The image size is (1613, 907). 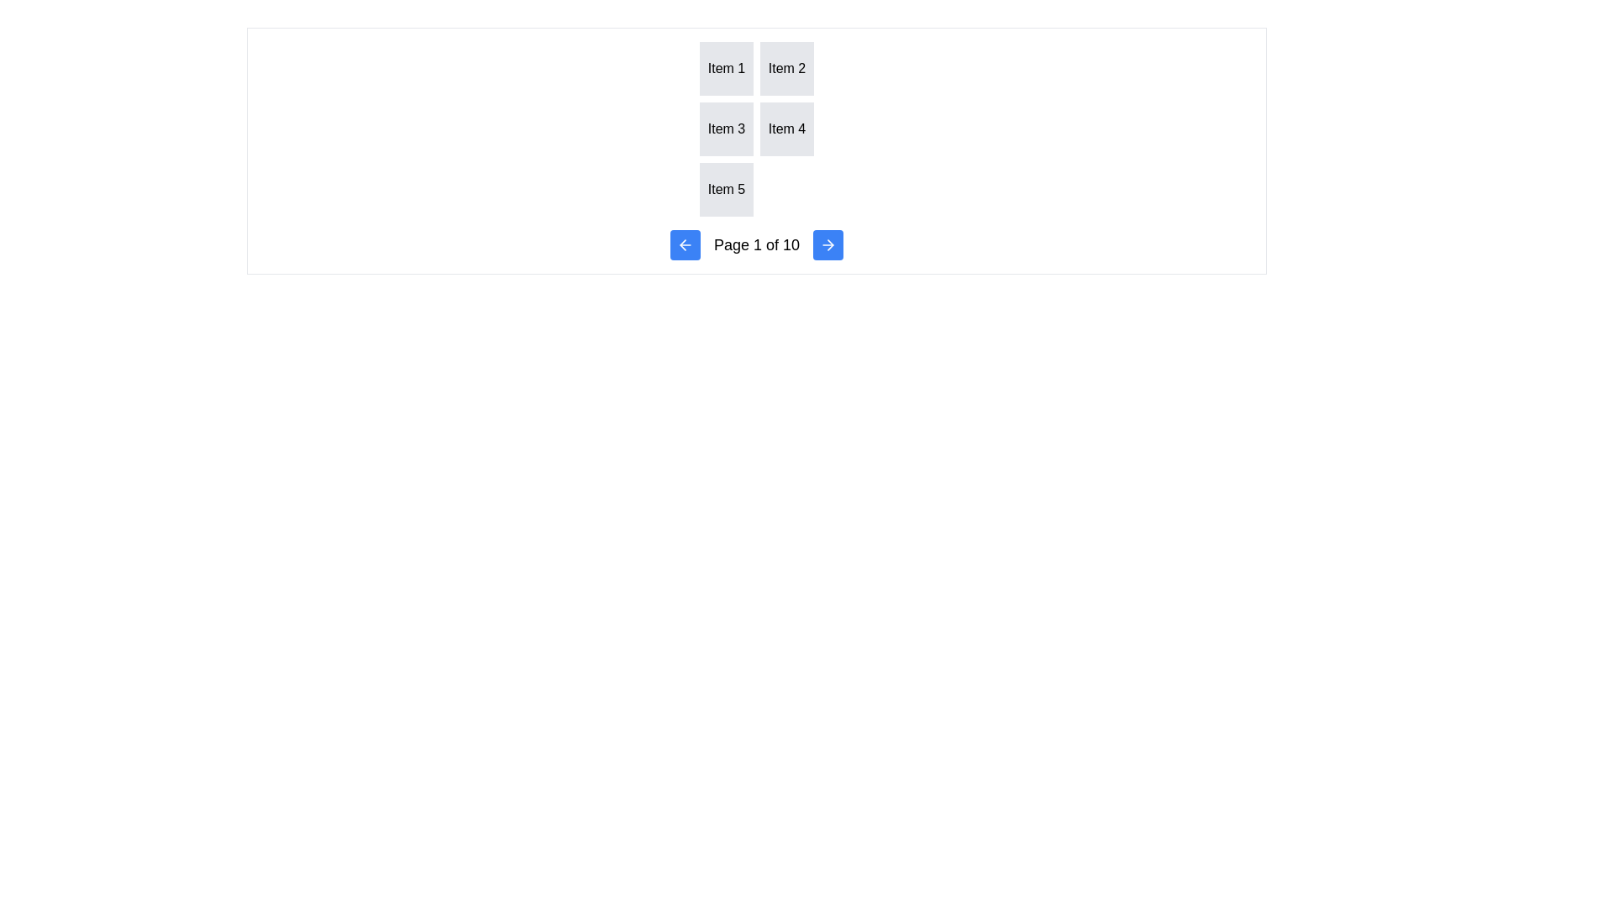 What do you see at coordinates (828, 245) in the screenshot?
I see `the blue rightward arrow button with a white arrow icon in the center, located in the bottom-right corner of the control panel` at bounding box center [828, 245].